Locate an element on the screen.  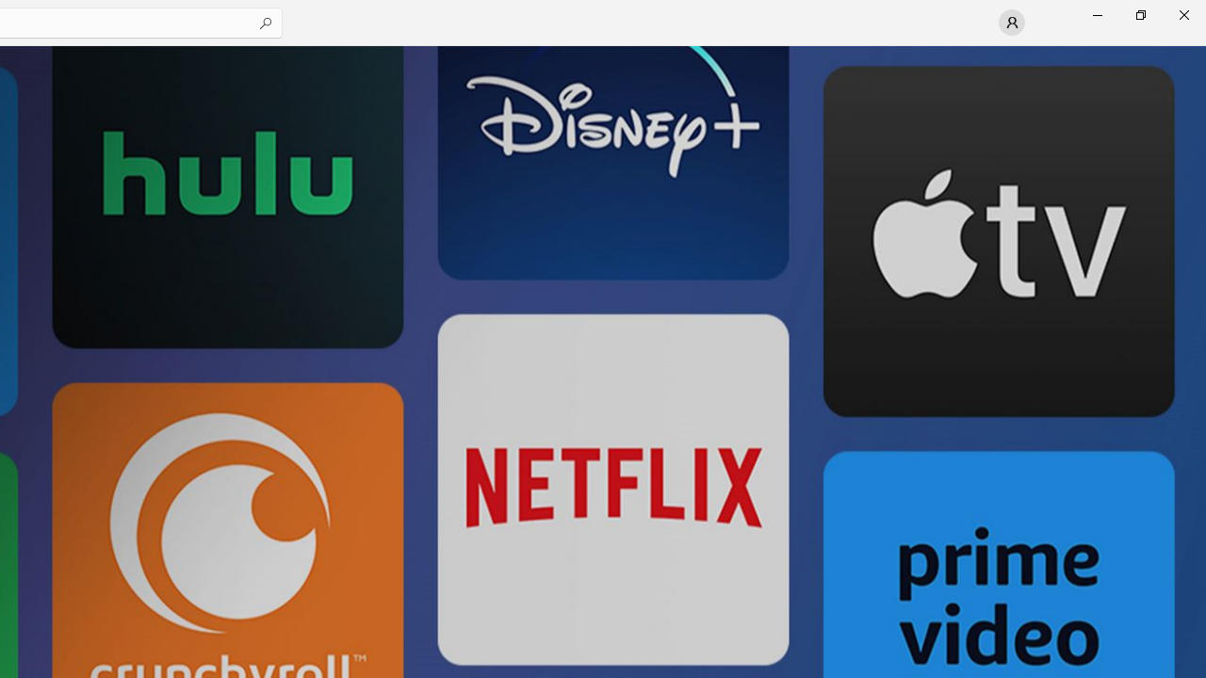
'User profile' is located at coordinates (1010, 23).